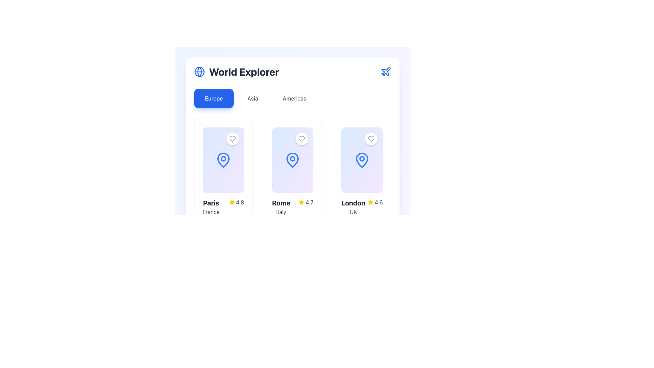  What do you see at coordinates (252, 98) in the screenshot?
I see `the 'Asia' button in the navigation bar` at bounding box center [252, 98].